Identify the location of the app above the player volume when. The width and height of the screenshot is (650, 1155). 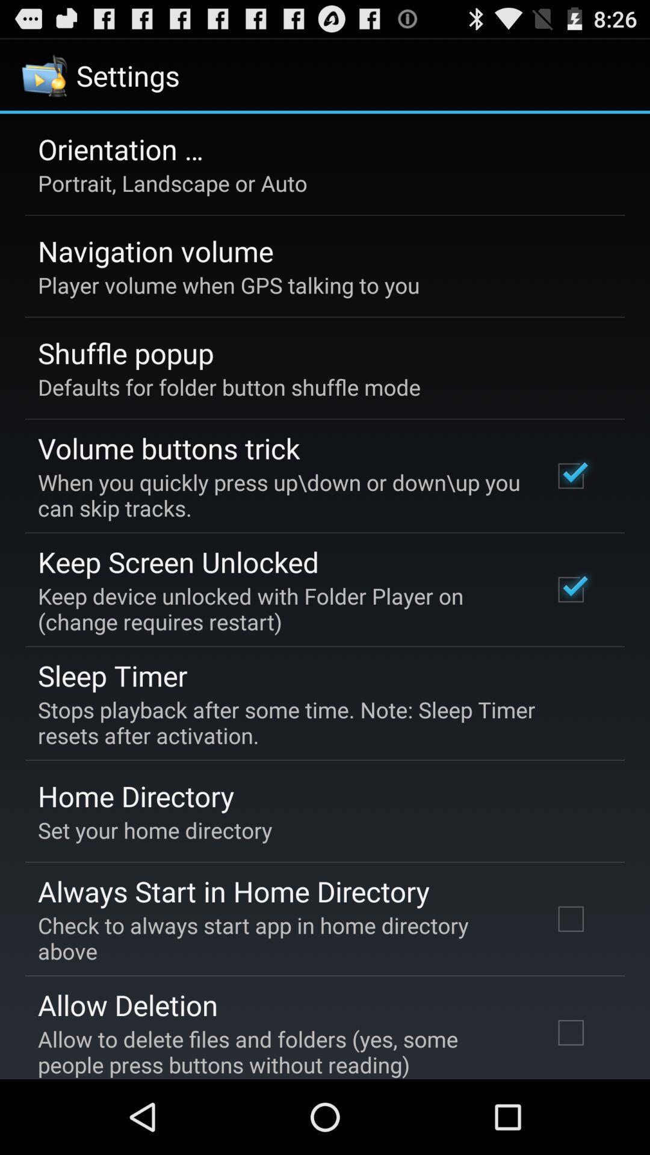
(155, 250).